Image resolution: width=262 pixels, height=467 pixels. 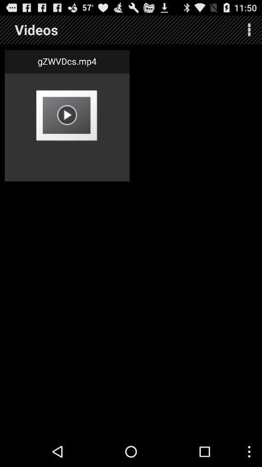 I want to click on the button below gzwvdcs.mp4, so click(x=66, y=115).